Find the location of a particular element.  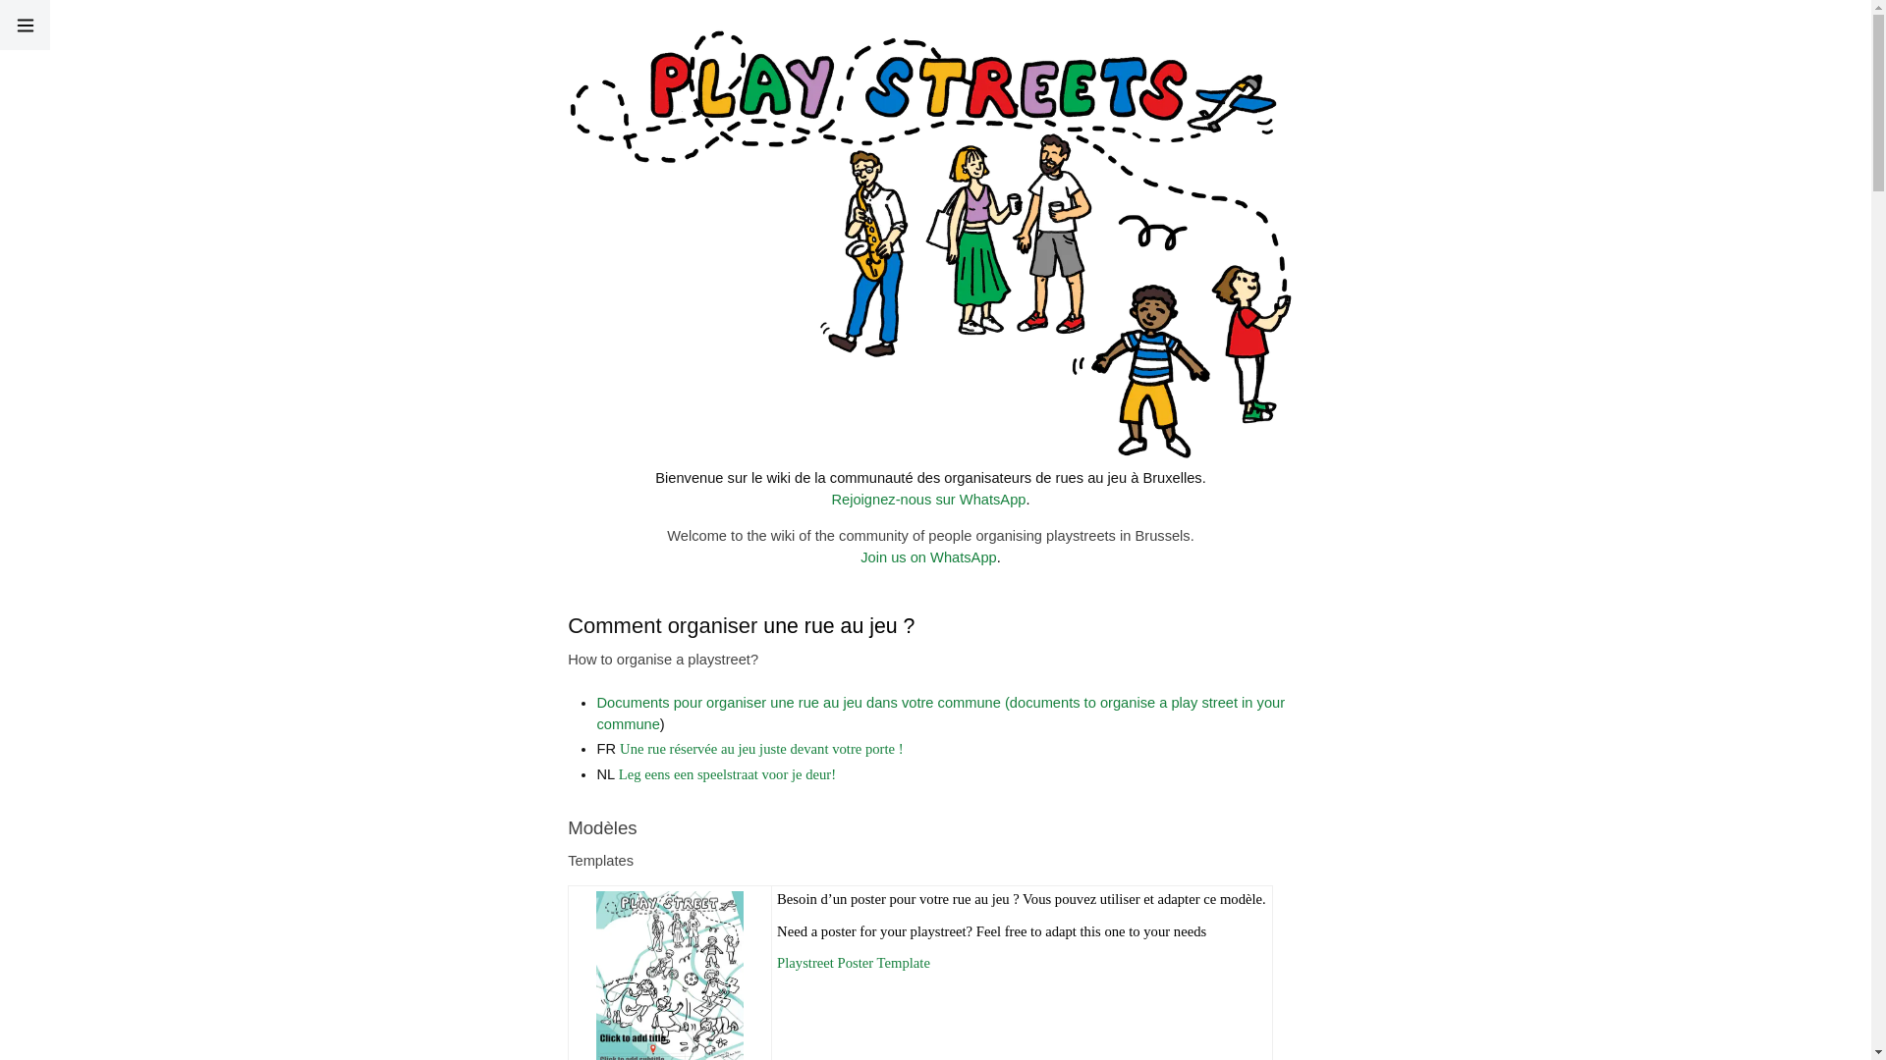

'Rejoignez-nous sur WhatsApp' is located at coordinates (927, 499).